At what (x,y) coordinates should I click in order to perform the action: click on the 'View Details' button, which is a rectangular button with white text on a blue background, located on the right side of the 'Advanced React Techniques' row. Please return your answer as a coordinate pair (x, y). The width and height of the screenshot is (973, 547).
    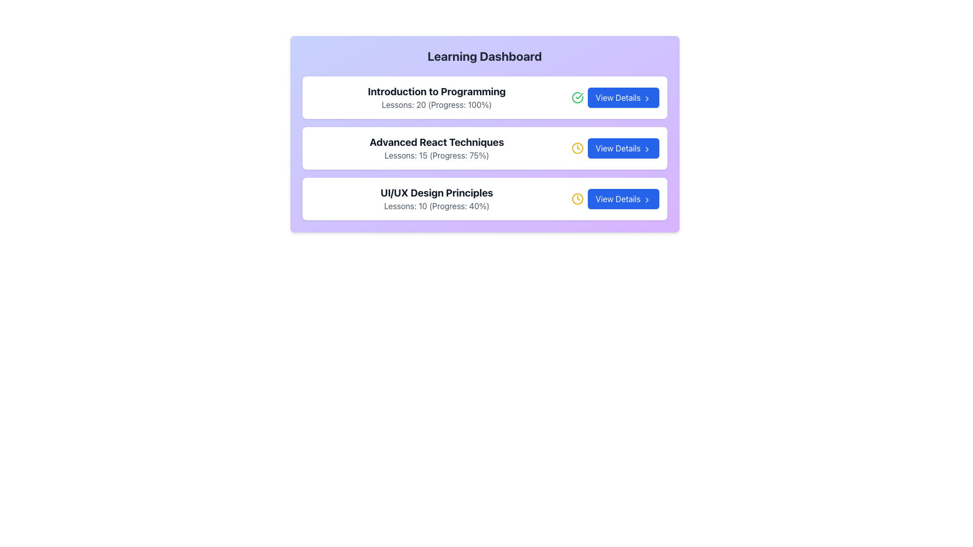
    Looking at the image, I should click on (622, 148).